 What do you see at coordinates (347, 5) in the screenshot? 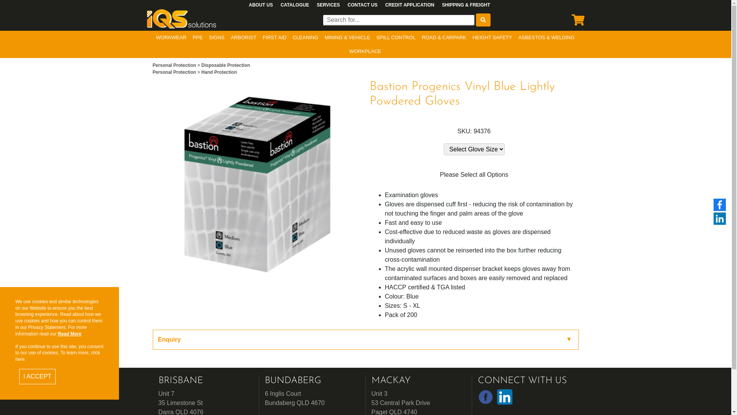
I see `'CONTACT US'` at bounding box center [347, 5].